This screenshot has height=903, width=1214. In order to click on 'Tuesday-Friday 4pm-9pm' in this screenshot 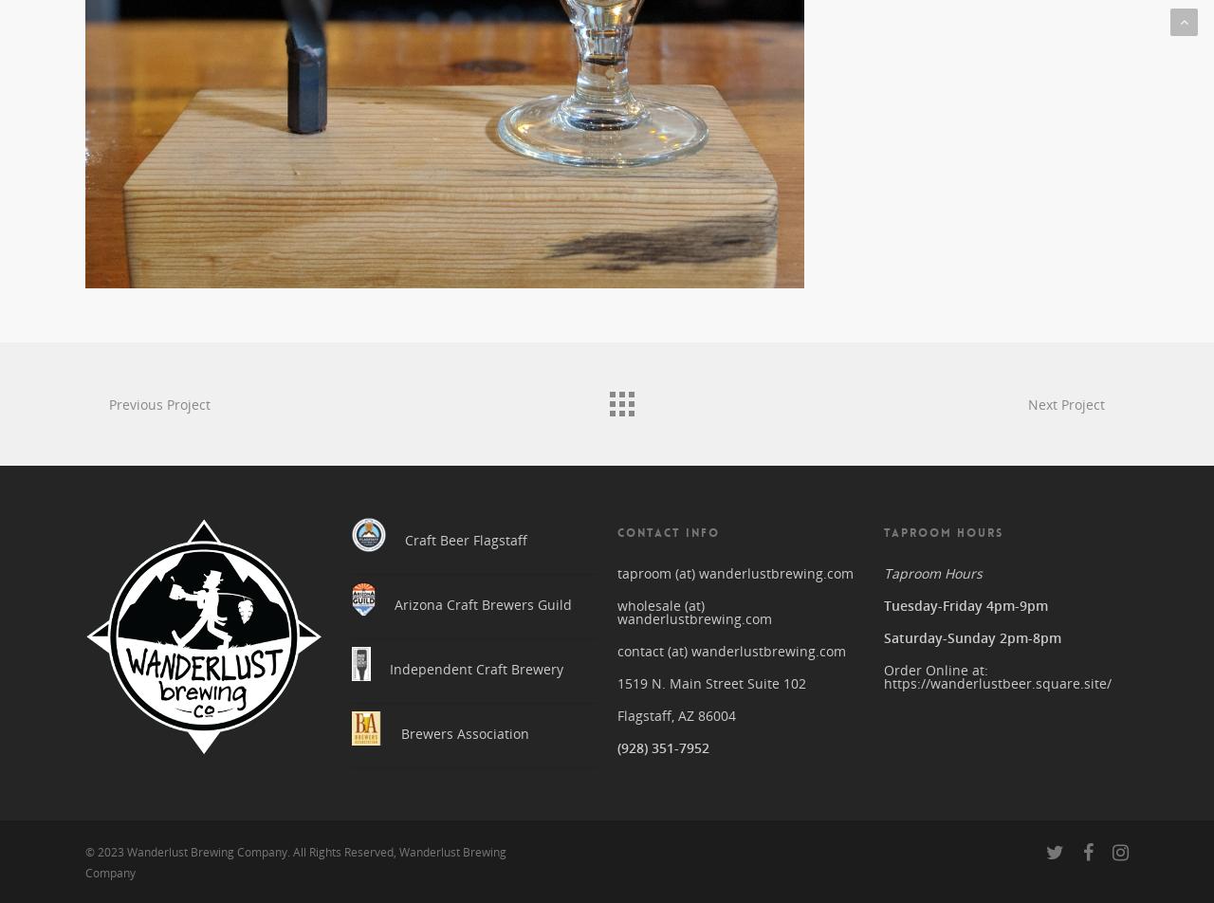, I will do `click(965, 598)`.